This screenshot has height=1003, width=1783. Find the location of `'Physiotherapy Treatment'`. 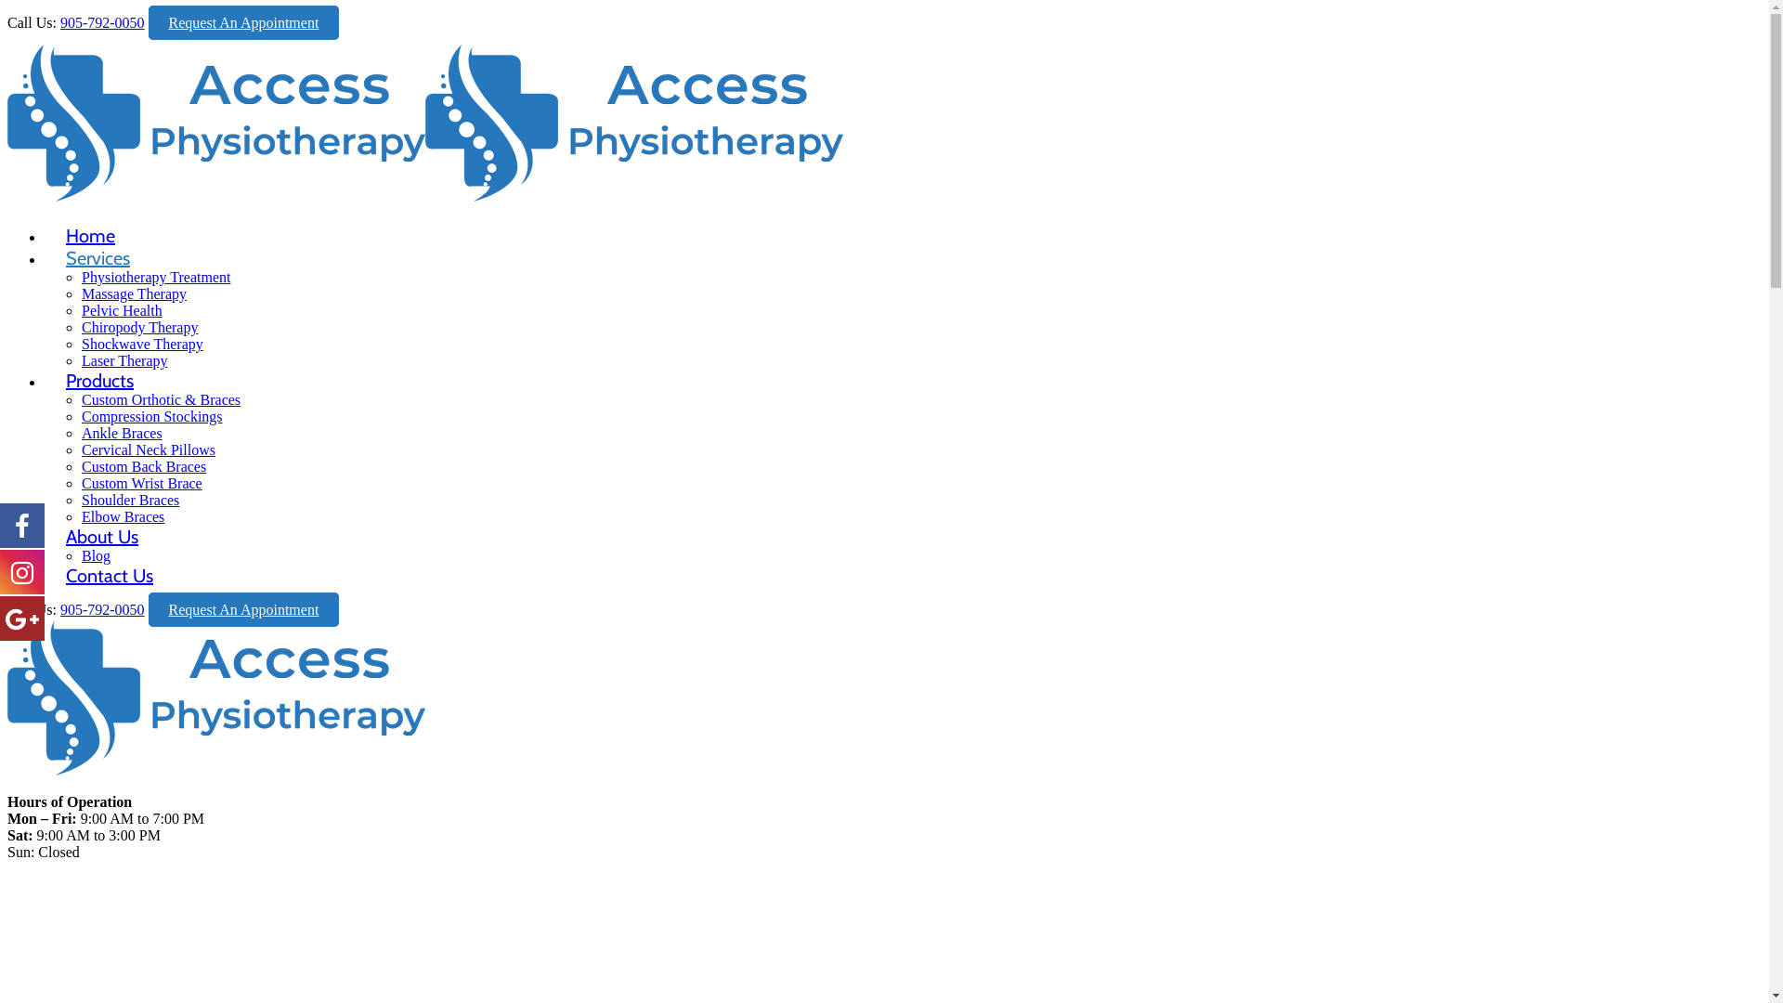

'Physiotherapy Treatment' is located at coordinates (156, 277).